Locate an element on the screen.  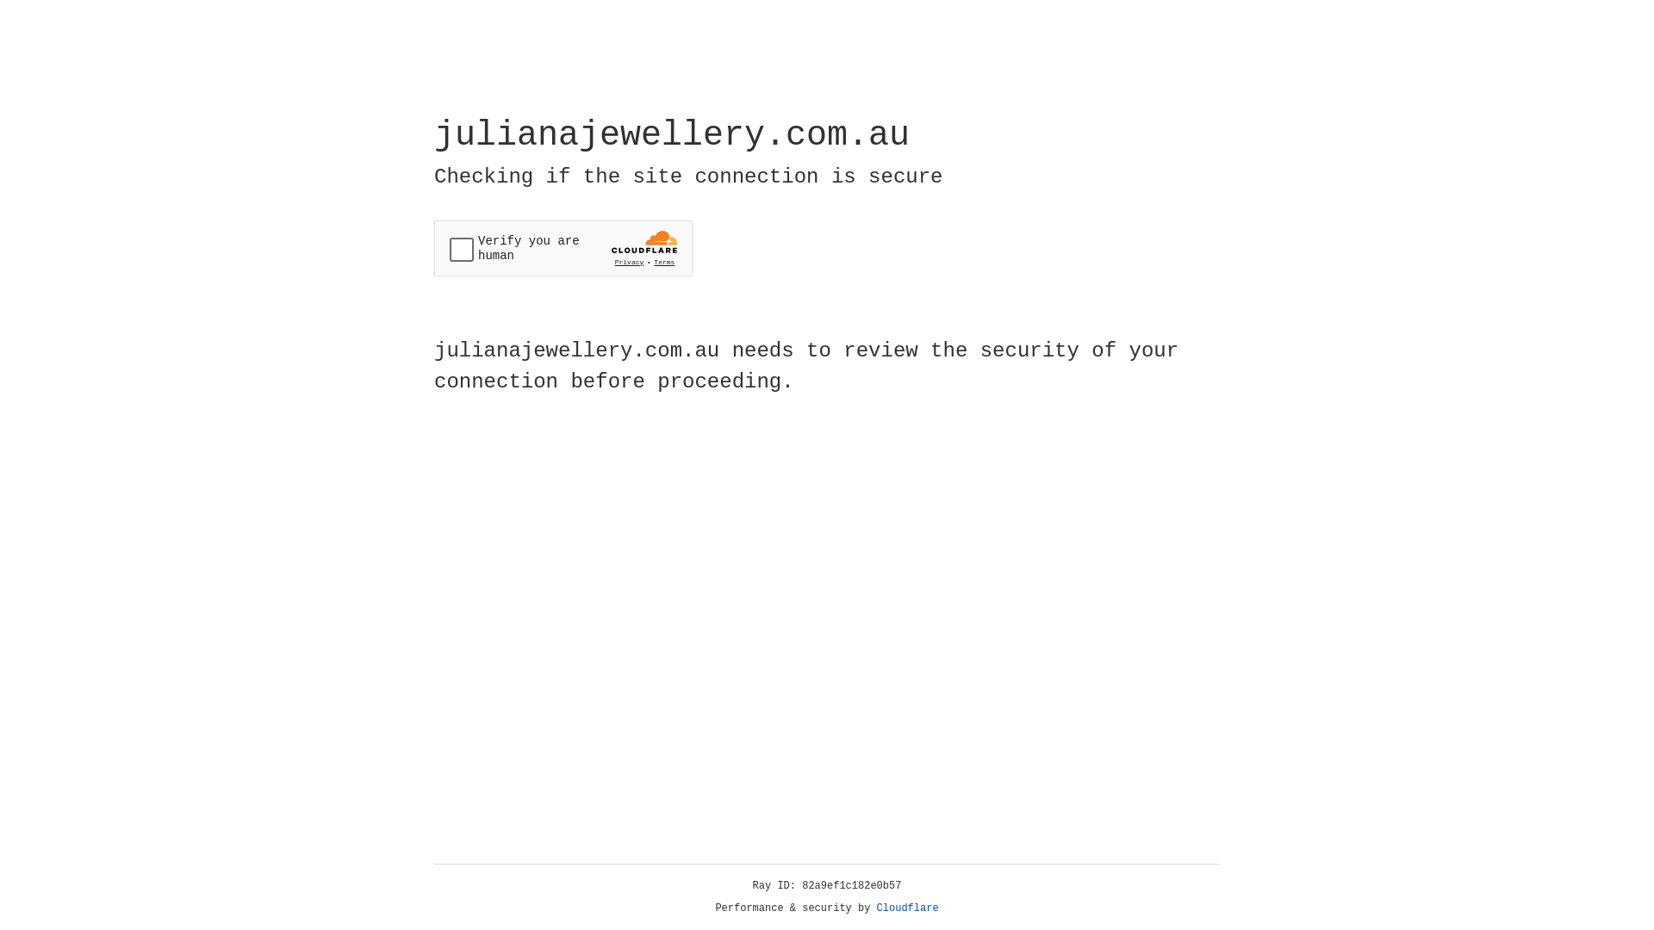
'Cloudflare' is located at coordinates (876, 908).